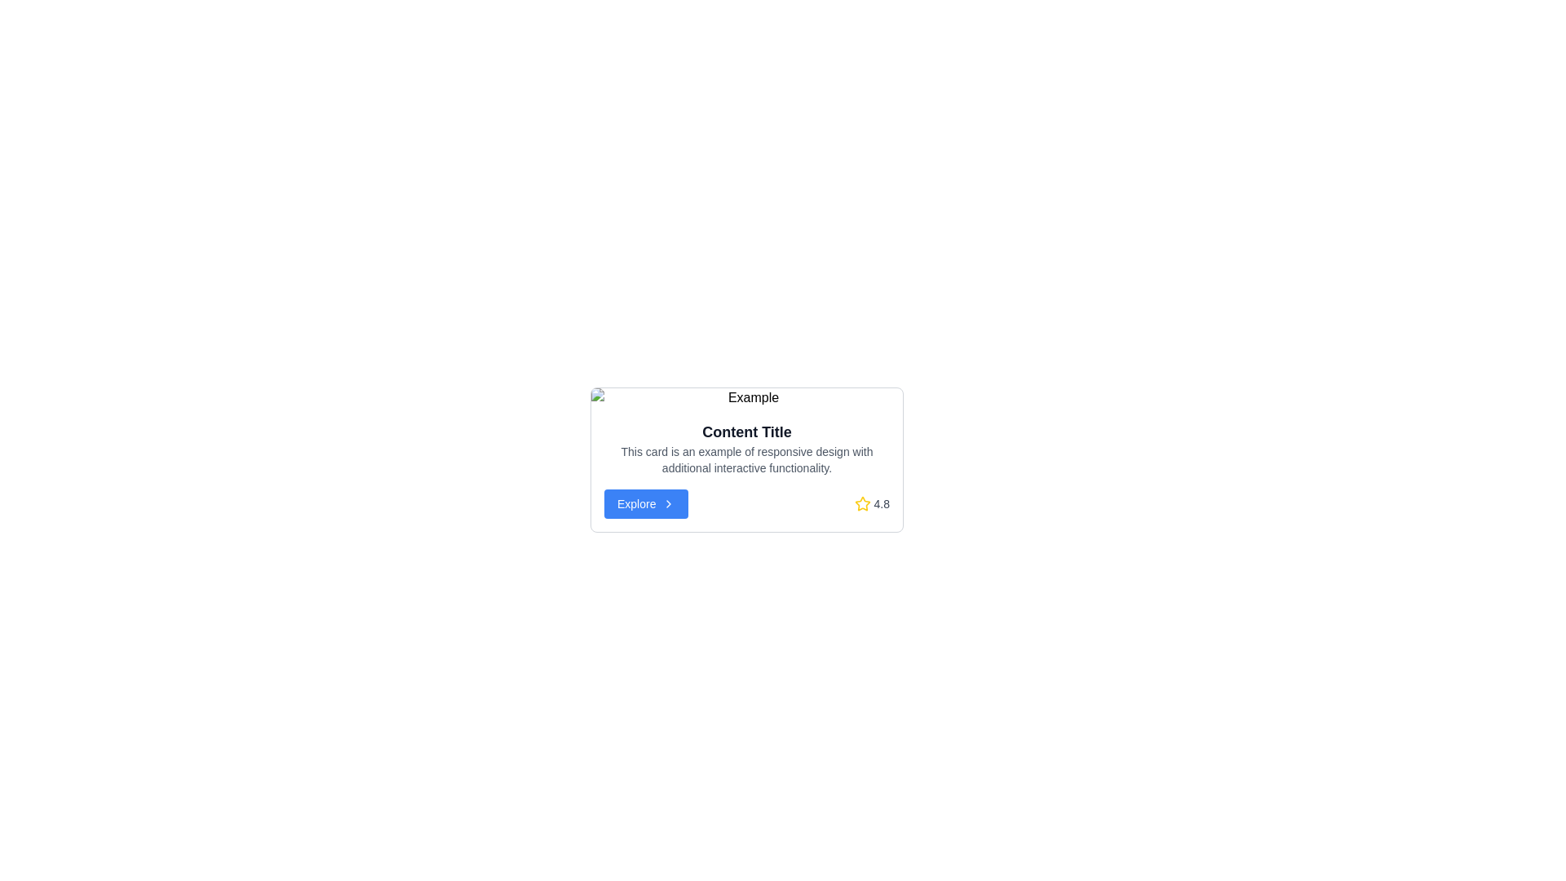  I want to click on the distinct yellow five-pointed star icon located to the left of the rating text ('4.8') at the bottom right of the card interface, so click(861, 502).